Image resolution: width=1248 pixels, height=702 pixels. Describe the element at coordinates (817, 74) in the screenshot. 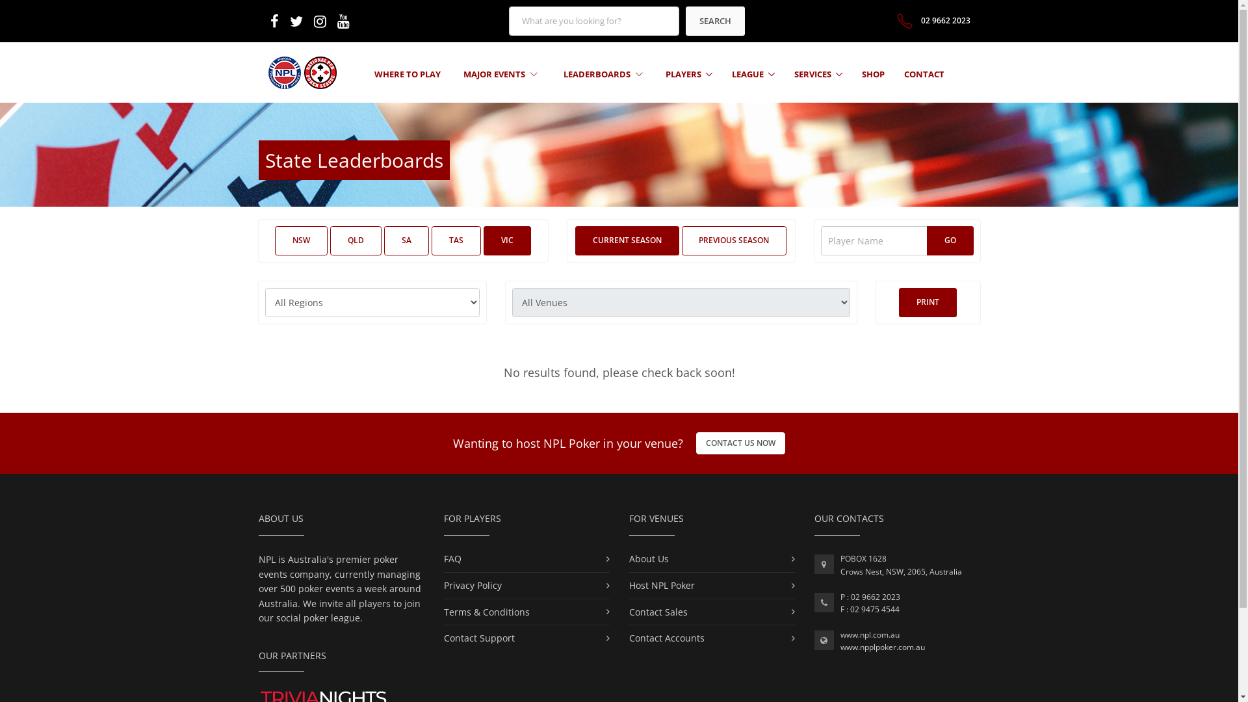

I see `'SERVICES'` at that location.